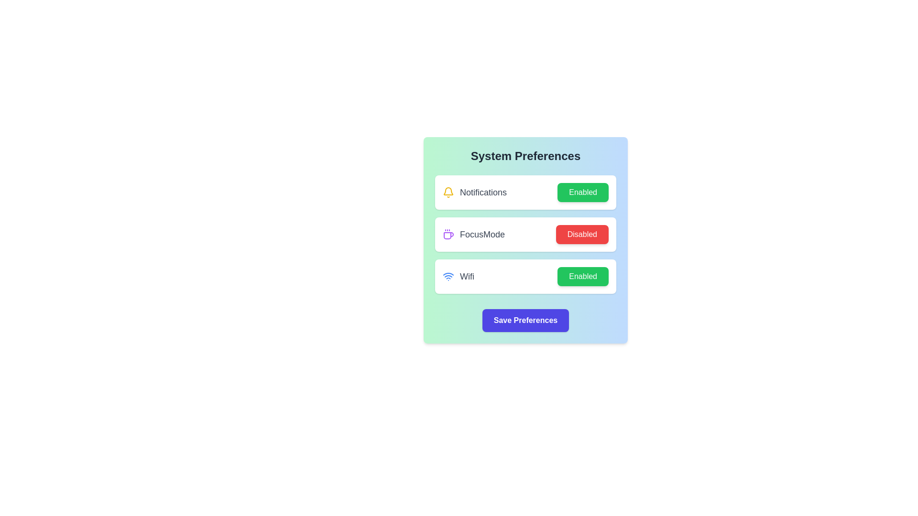 This screenshot has height=516, width=918. Describe the element at coordinates (525, 234) in the screenshot. I see `the setting area for focusMode` at that location.